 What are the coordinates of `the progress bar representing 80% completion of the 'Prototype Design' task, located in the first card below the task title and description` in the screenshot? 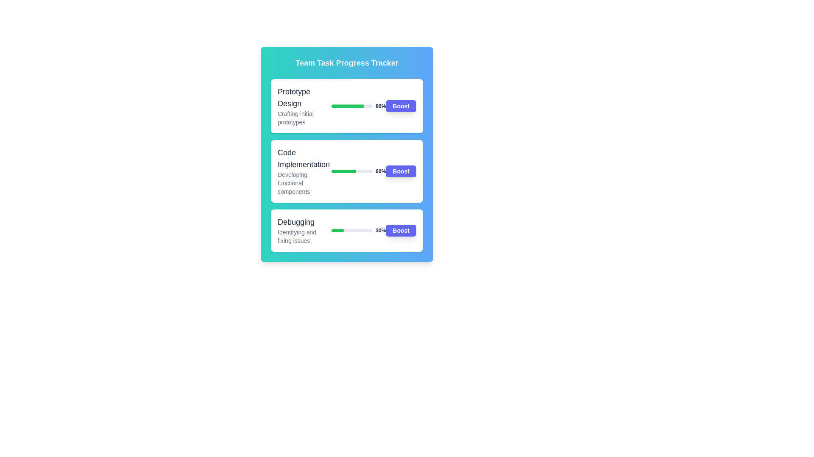 It's located at (352, 105).